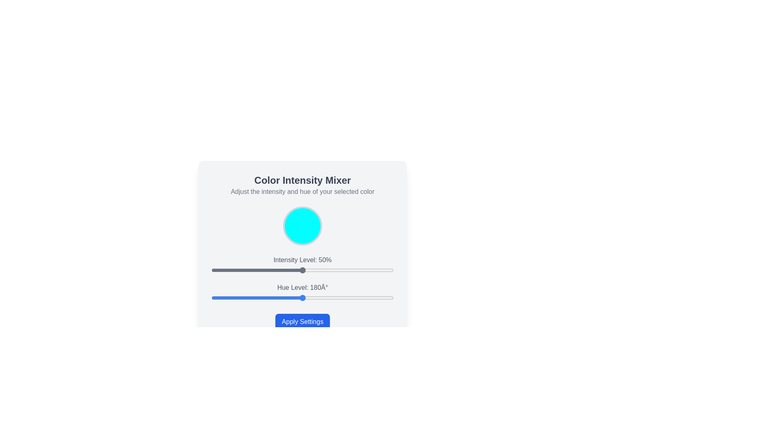  I want to click on the hue level slider to 304°, so click(365, 298).